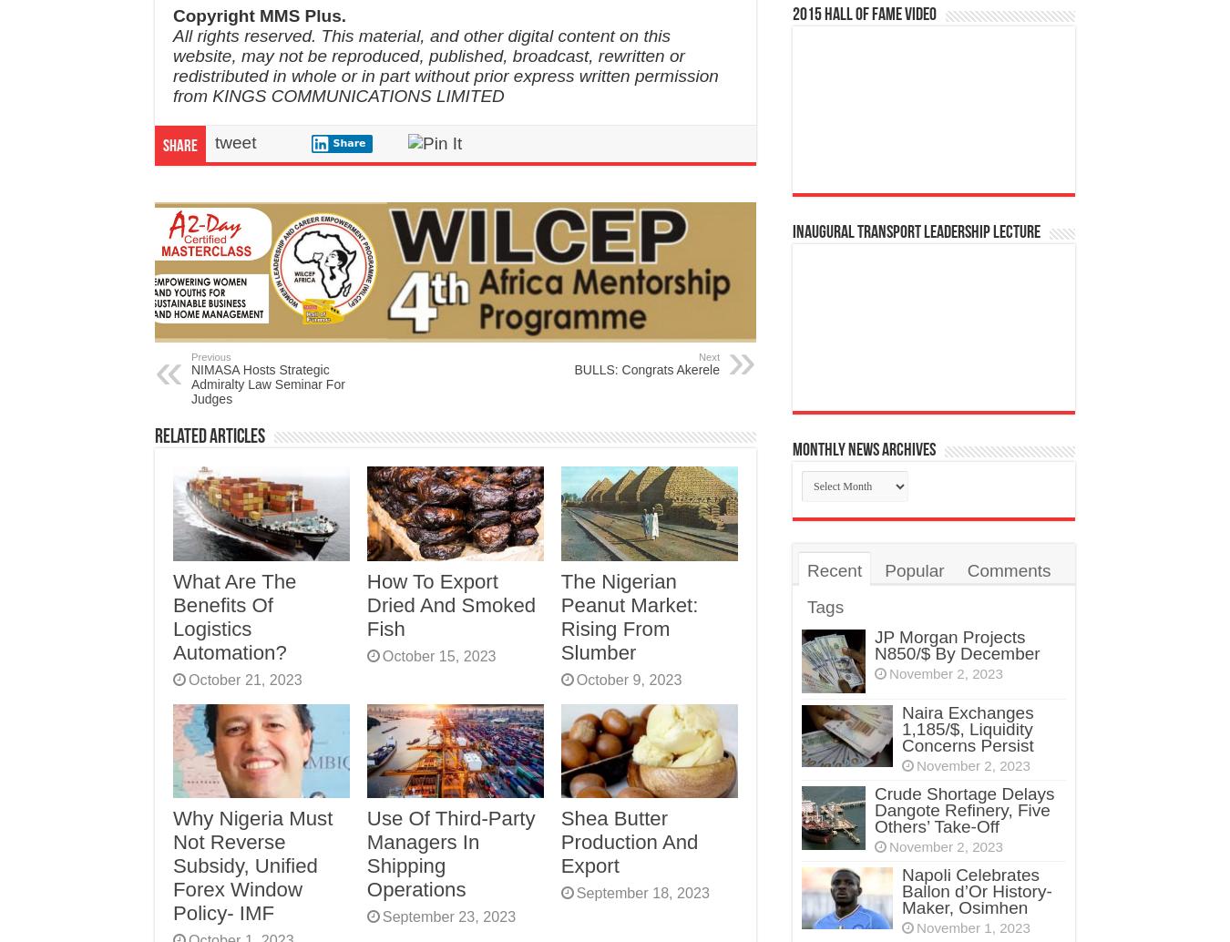  Describe the element at coordinates (366, 604) in the screenshot. I see `'How To Export Dried And Smoked Fish'` at that location.